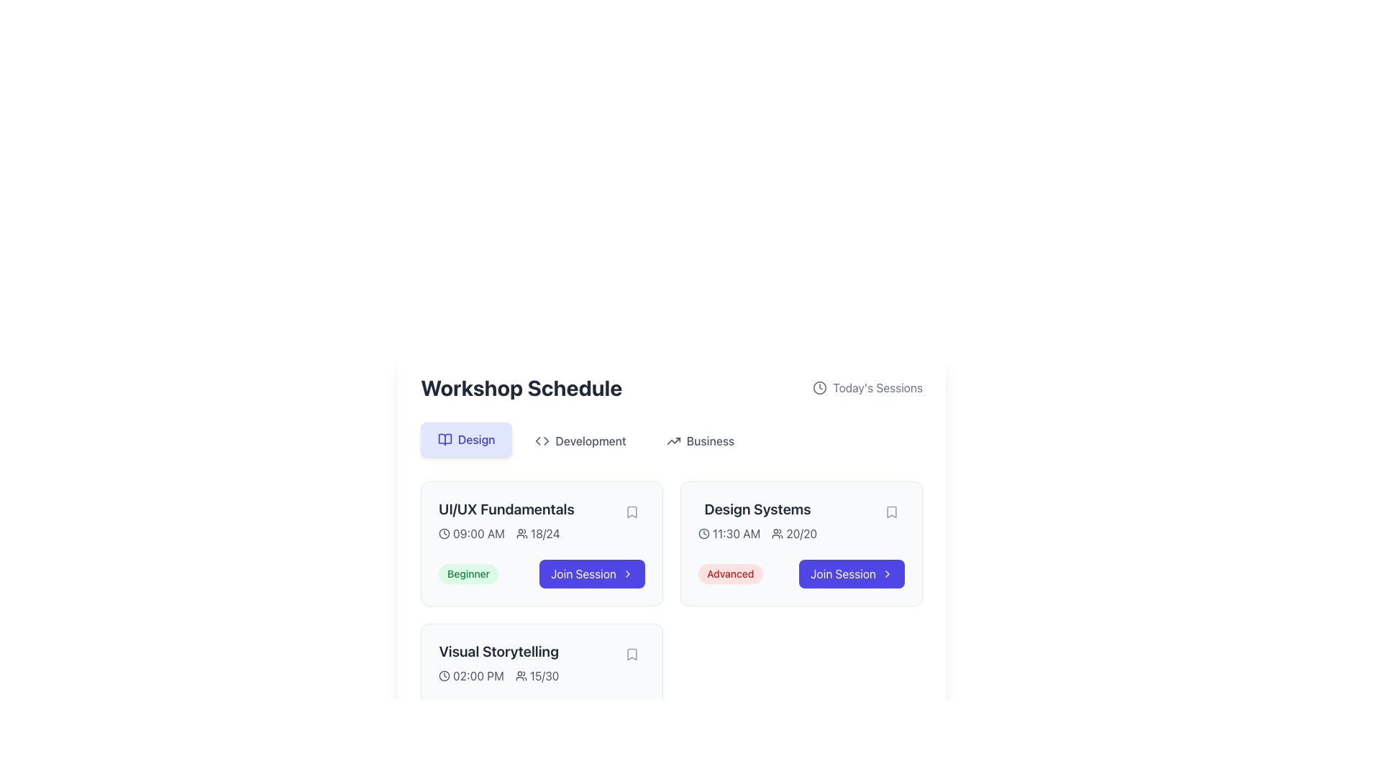 Image resolution: width=1381 pixels, height=776 pixels. I want to click on the 'Business' button, which is the third button in a row of three, styled with gray text and an upward trending arrow icon, so click(701, 440).